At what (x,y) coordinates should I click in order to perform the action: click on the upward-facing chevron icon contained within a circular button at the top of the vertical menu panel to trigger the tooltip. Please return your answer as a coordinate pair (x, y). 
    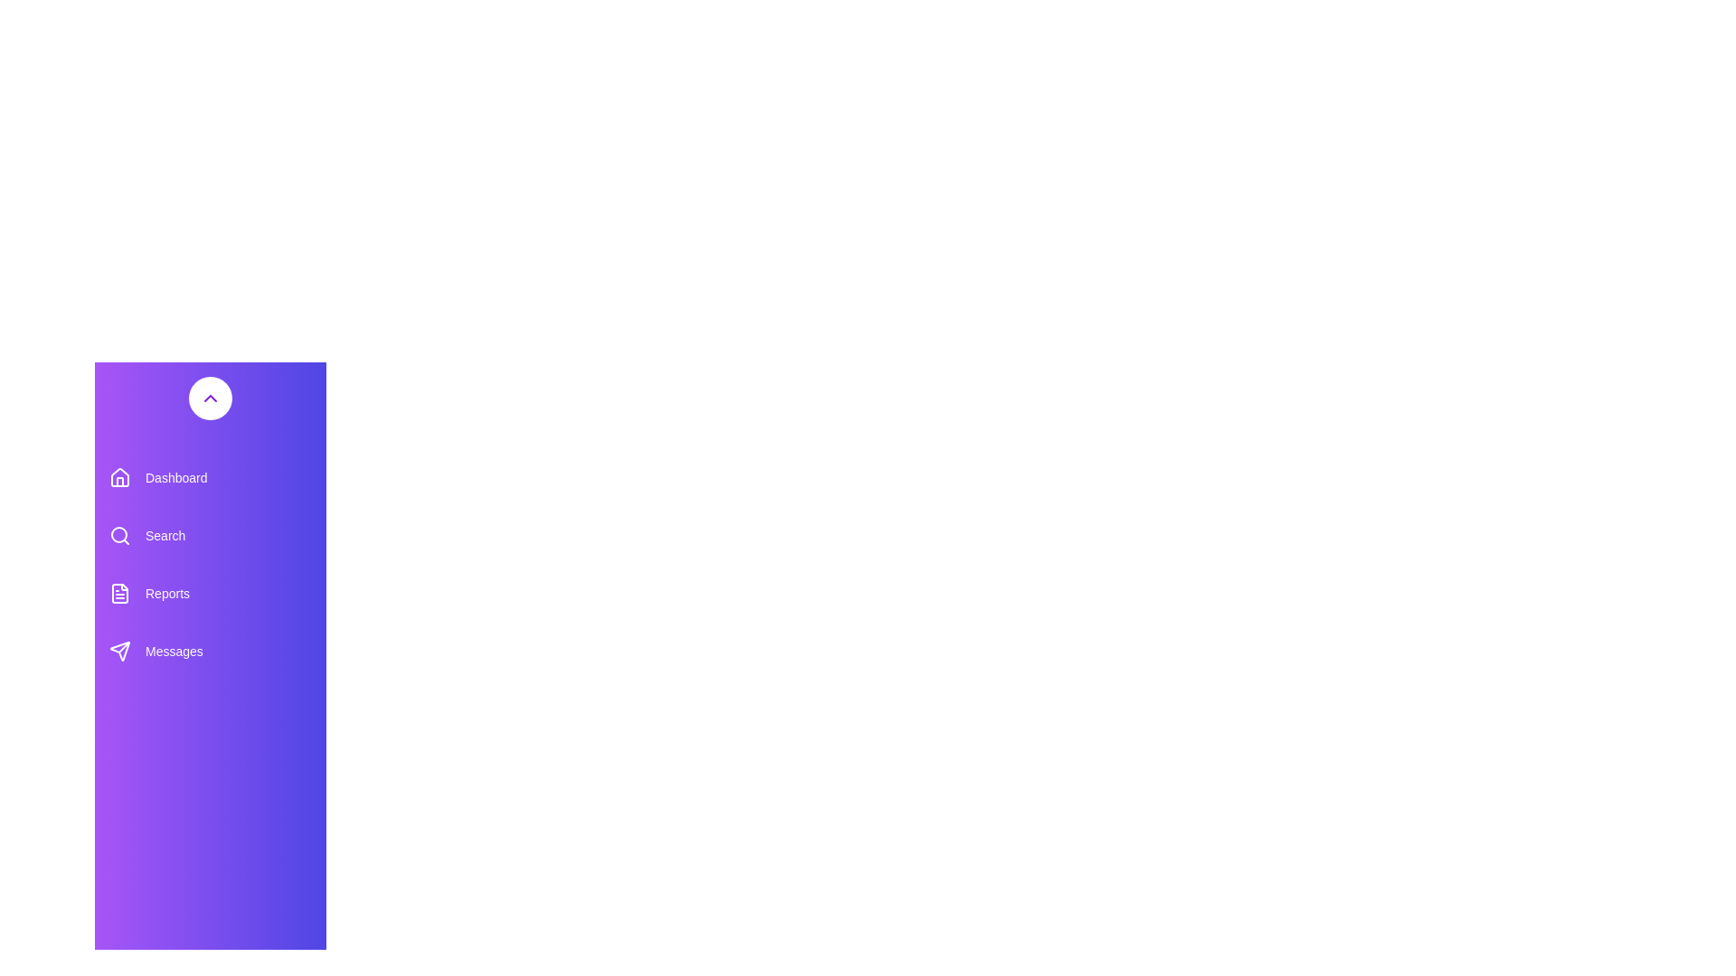
    Looking at the image, I should click on (211, 397).